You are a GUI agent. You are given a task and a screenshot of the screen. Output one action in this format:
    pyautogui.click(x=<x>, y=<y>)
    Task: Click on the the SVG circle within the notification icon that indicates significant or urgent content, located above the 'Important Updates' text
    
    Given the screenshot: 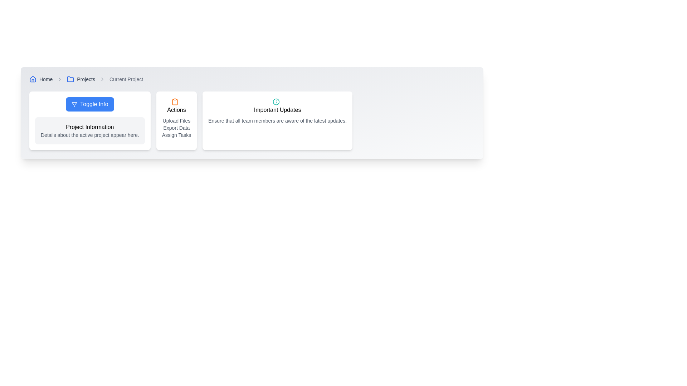 What is the action you would take?
    pyautogui.click(x=276, y=102)
    